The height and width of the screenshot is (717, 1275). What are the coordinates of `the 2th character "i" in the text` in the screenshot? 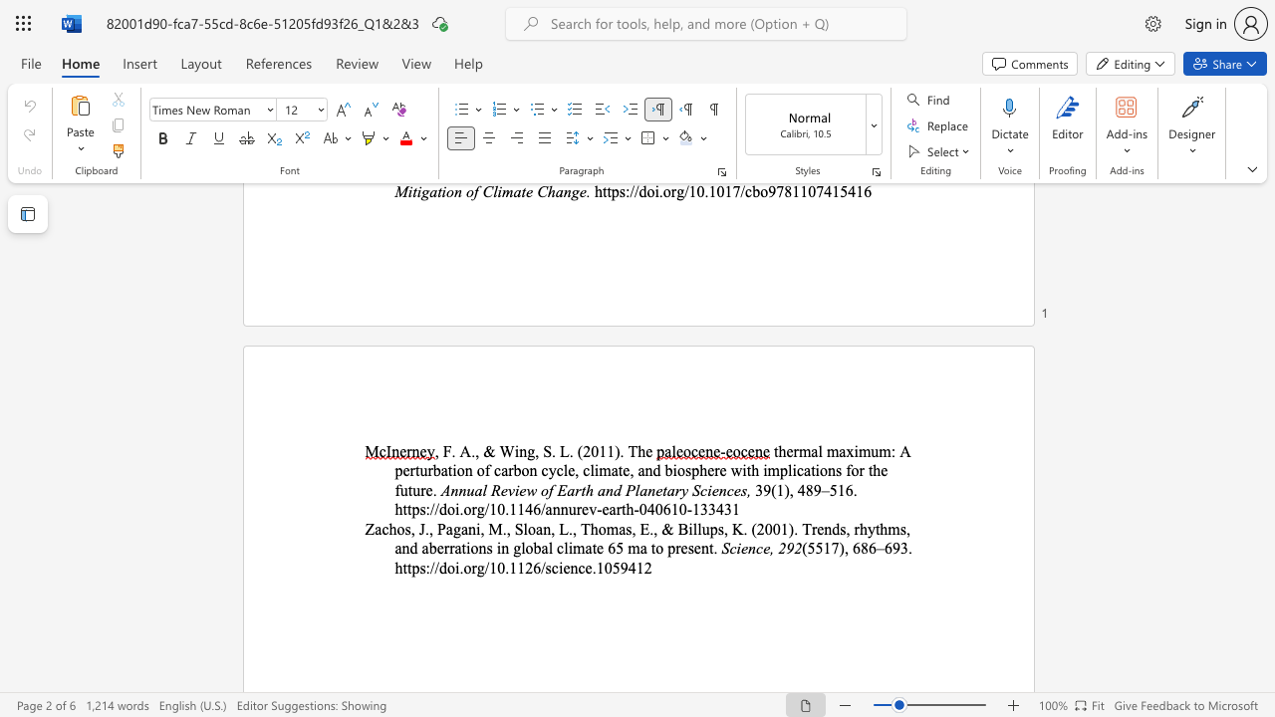 It's located at (560, 568).